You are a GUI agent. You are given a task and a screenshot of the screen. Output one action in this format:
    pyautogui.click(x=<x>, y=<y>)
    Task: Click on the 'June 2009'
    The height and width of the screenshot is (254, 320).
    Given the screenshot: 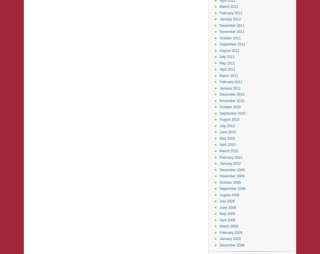 What is the action you would take?
    pyautogui.click(x=227, y=207)
    